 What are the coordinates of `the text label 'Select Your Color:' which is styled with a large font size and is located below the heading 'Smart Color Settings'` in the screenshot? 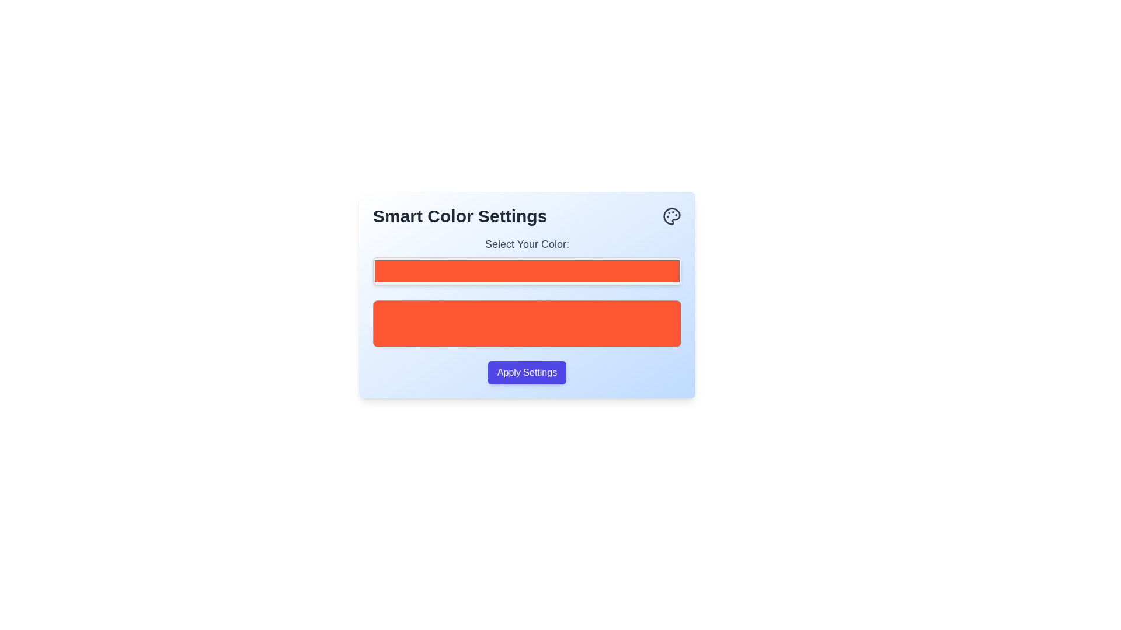 It's located at (526, 244).